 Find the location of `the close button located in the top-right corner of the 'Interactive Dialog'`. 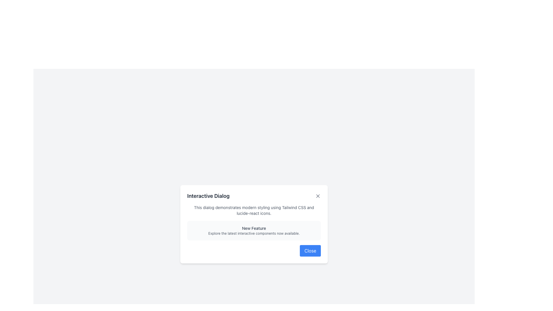

the close button located in the top-right corner of the 'Interactive Dialog' is located at coordinates (318, 196).